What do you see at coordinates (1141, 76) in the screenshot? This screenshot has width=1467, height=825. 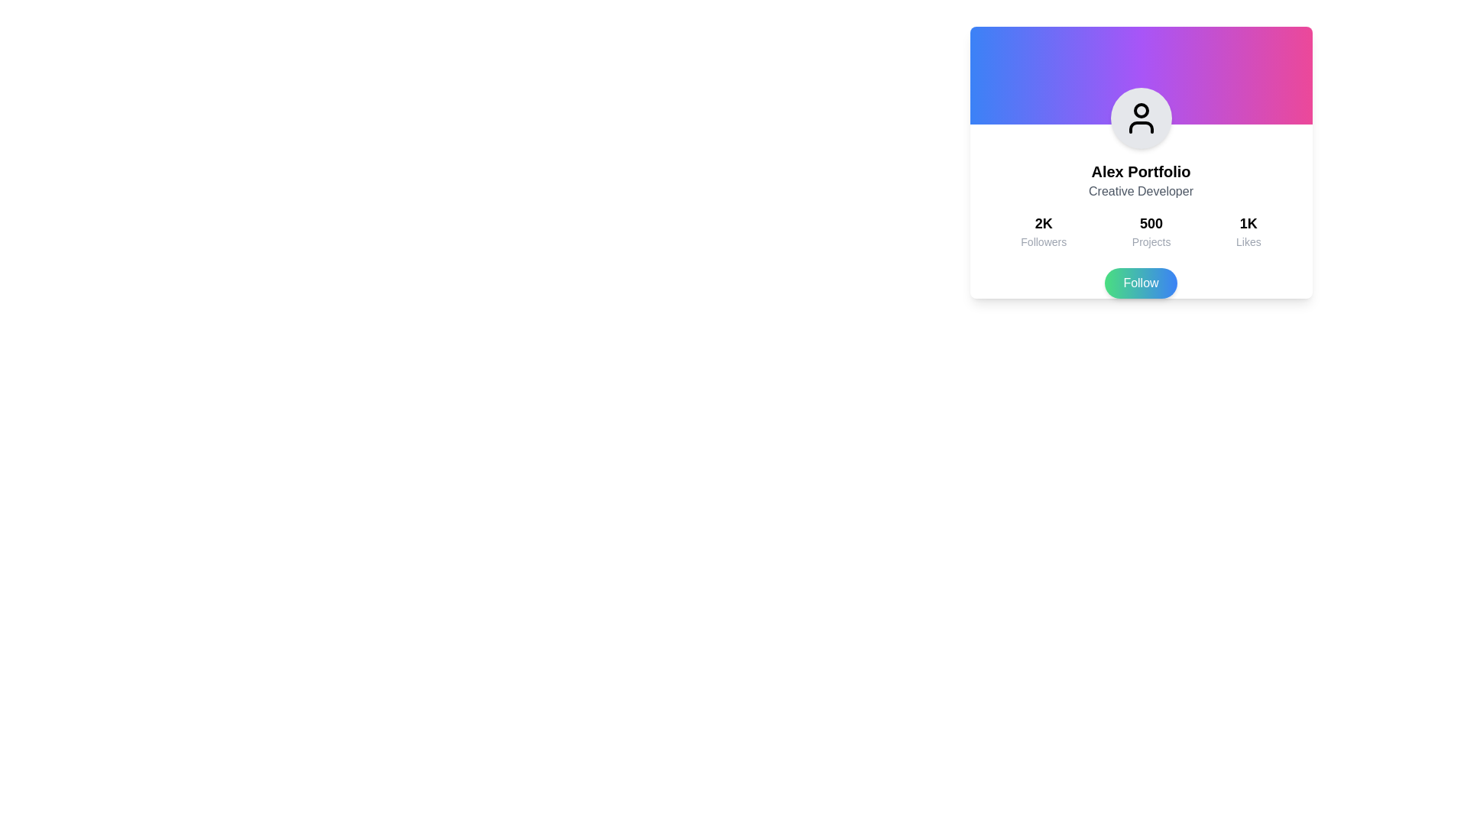 I see `the decorative gradient rectangle at the top of the profile card, which serves as a background element enhancing the visual appeal of the interface` at bounding box center [1141, 76].